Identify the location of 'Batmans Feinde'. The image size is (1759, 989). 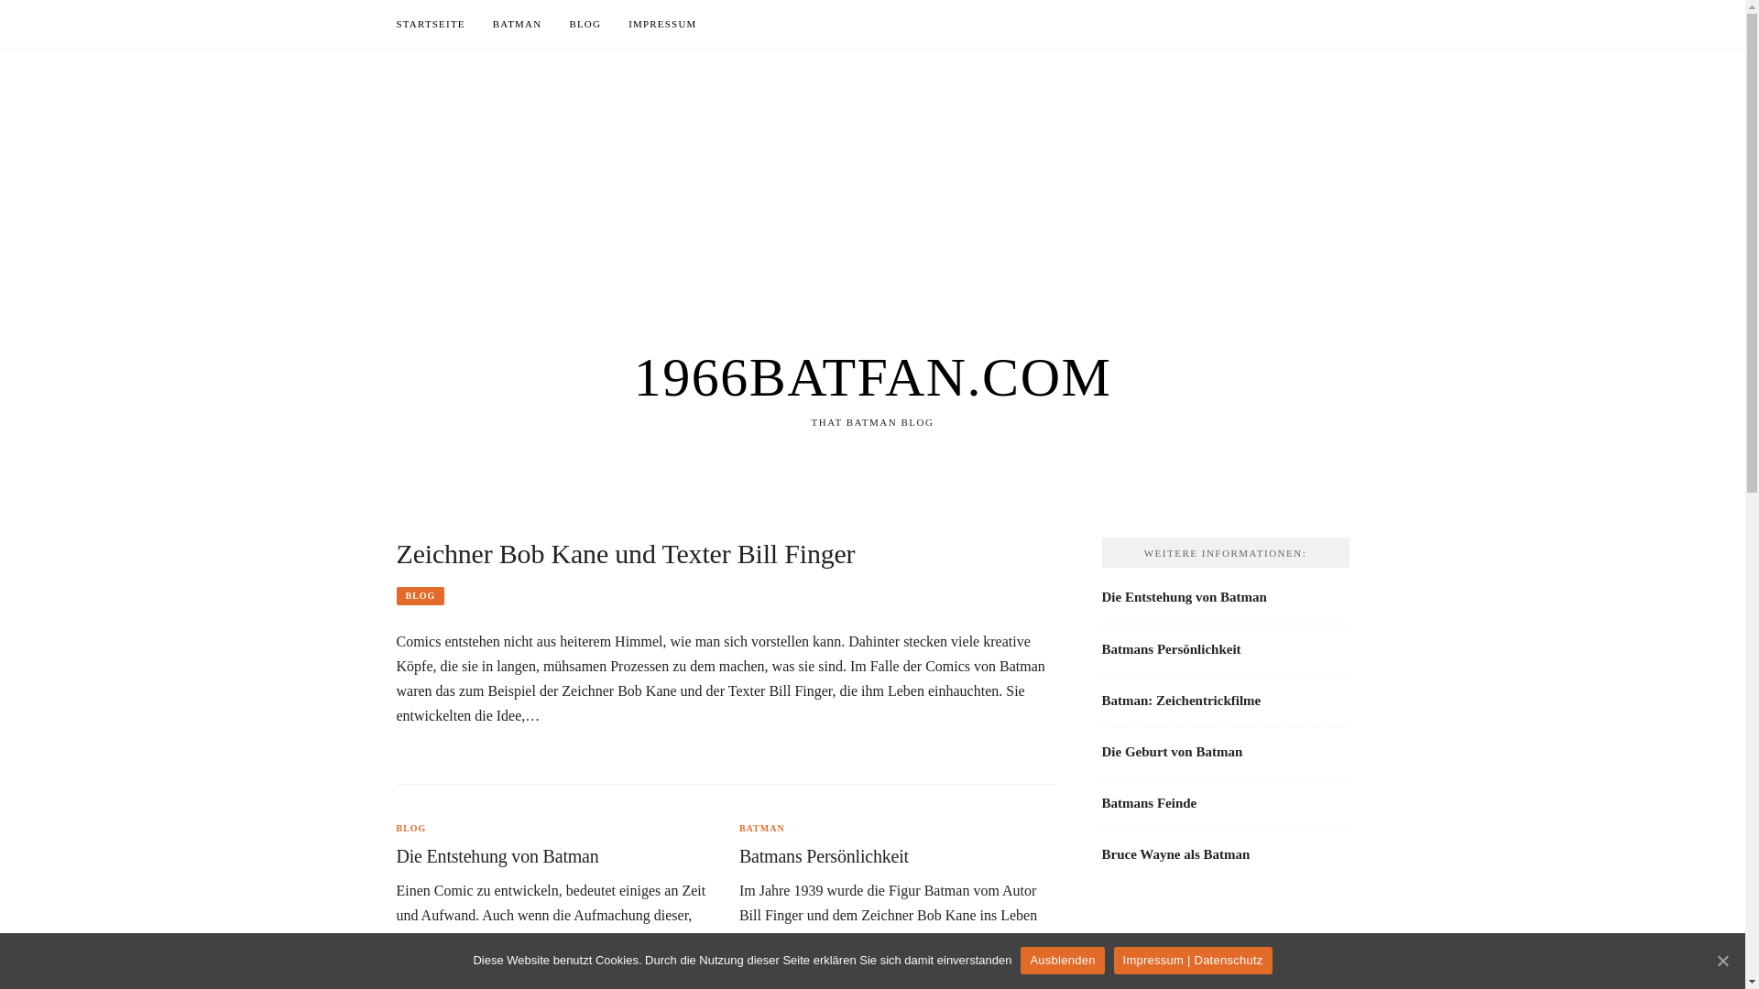
(1099, 801).